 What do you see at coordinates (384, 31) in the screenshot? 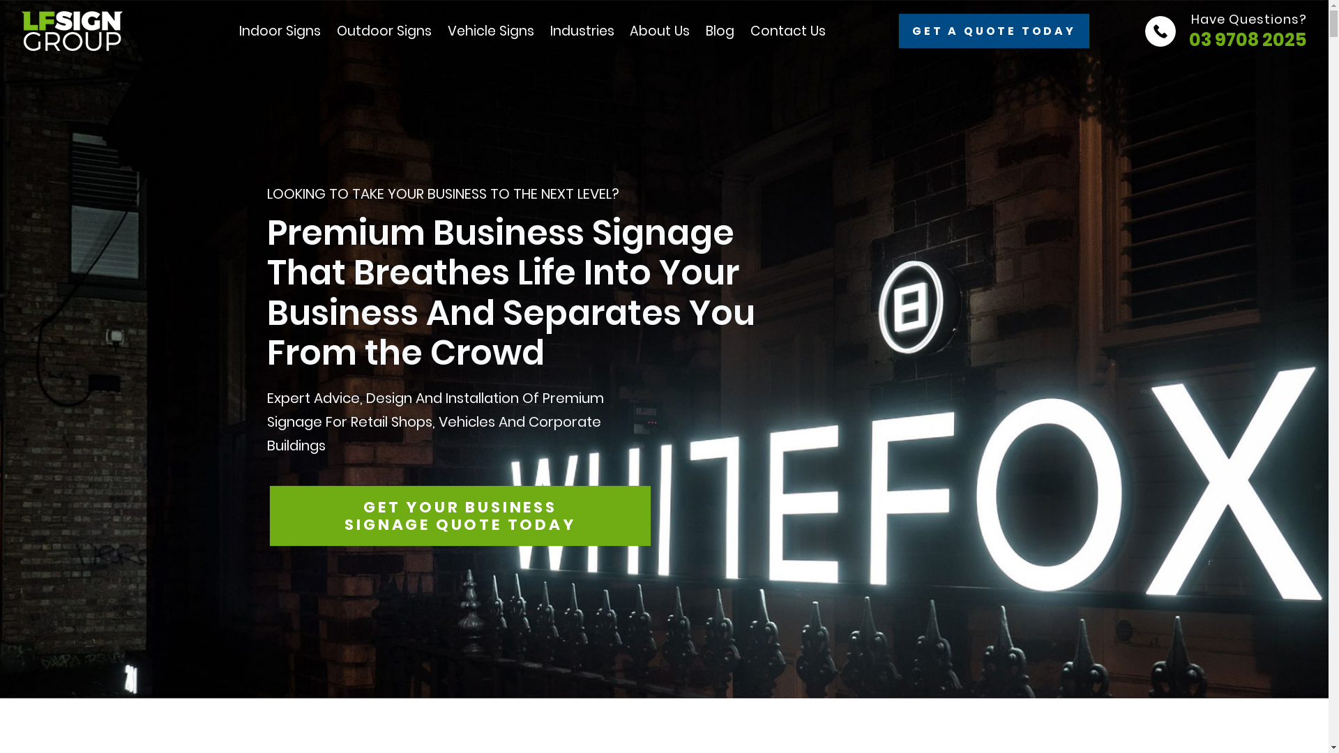
I see `'Outdoor Signs'` at bounding box center [384, 31].